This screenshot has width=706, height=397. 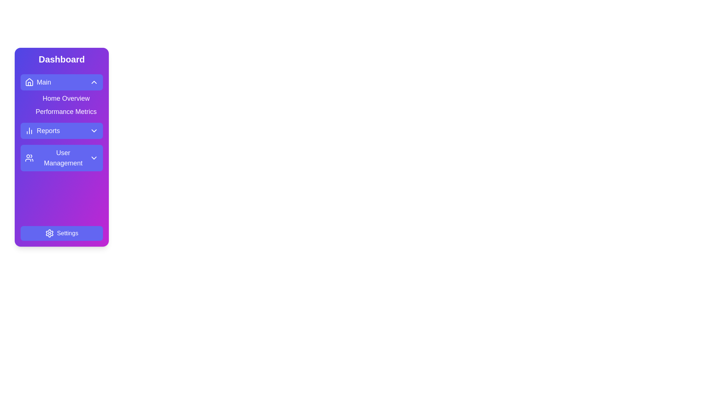 What do you see at coordinates (29, 82) in the screenshot?
I see `the icon located at the top-left corner of the purple rectangular button labeled 'Main' in the sidebar navigation menu` at bounding box center [29, 82].